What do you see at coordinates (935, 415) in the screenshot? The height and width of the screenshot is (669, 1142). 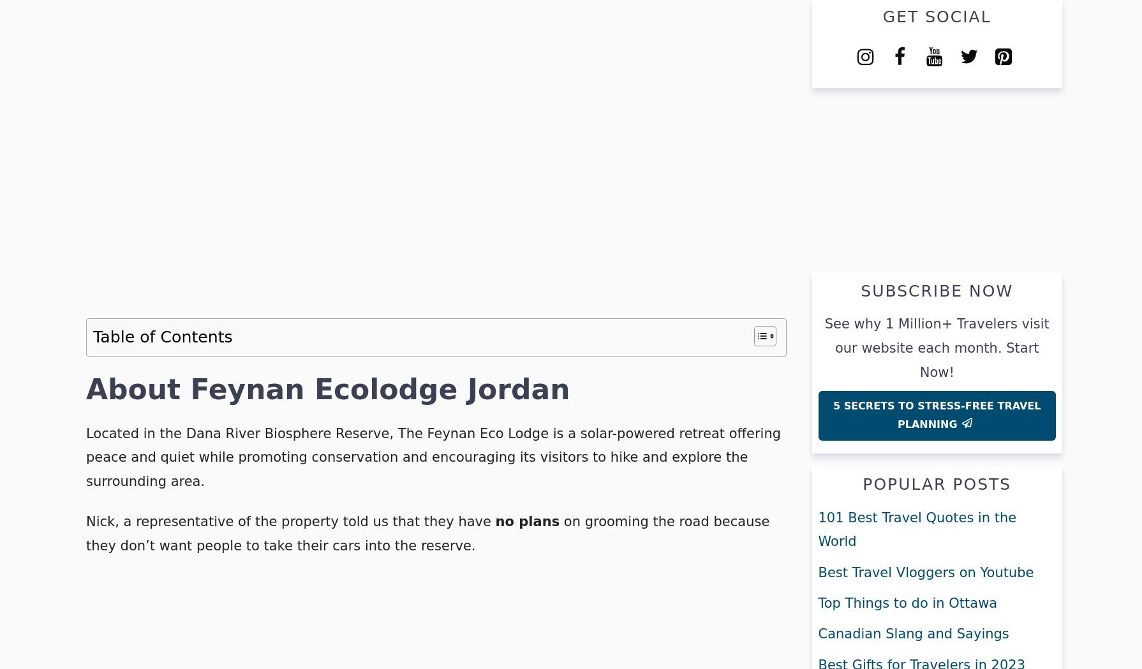 I see `'5 secrets to stress-free travel planning'` at bounding box center [935, 415].